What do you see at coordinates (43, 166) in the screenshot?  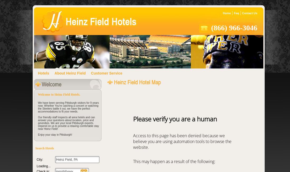 I see `'Loading...'` at bounding box center [43, 166].